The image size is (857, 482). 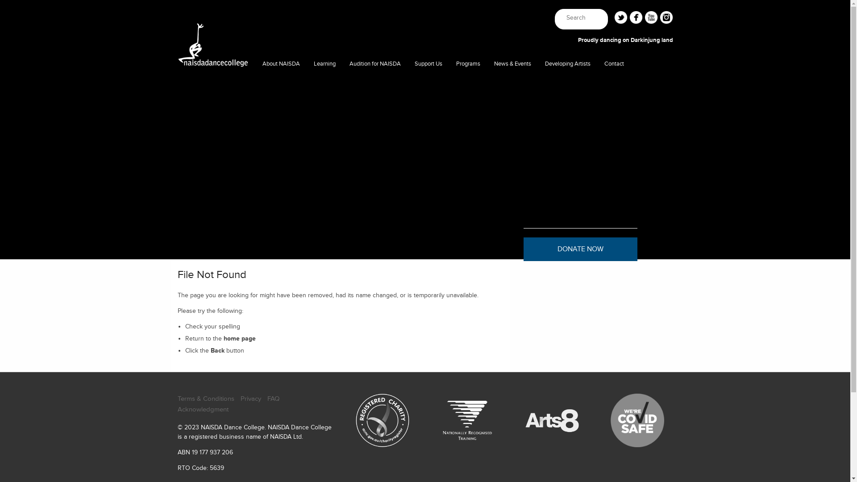 What do you see at coordinates (375, 83) in the screenshot?
I see `'Apply to NAISDA'` at bounding box center [375, 83].